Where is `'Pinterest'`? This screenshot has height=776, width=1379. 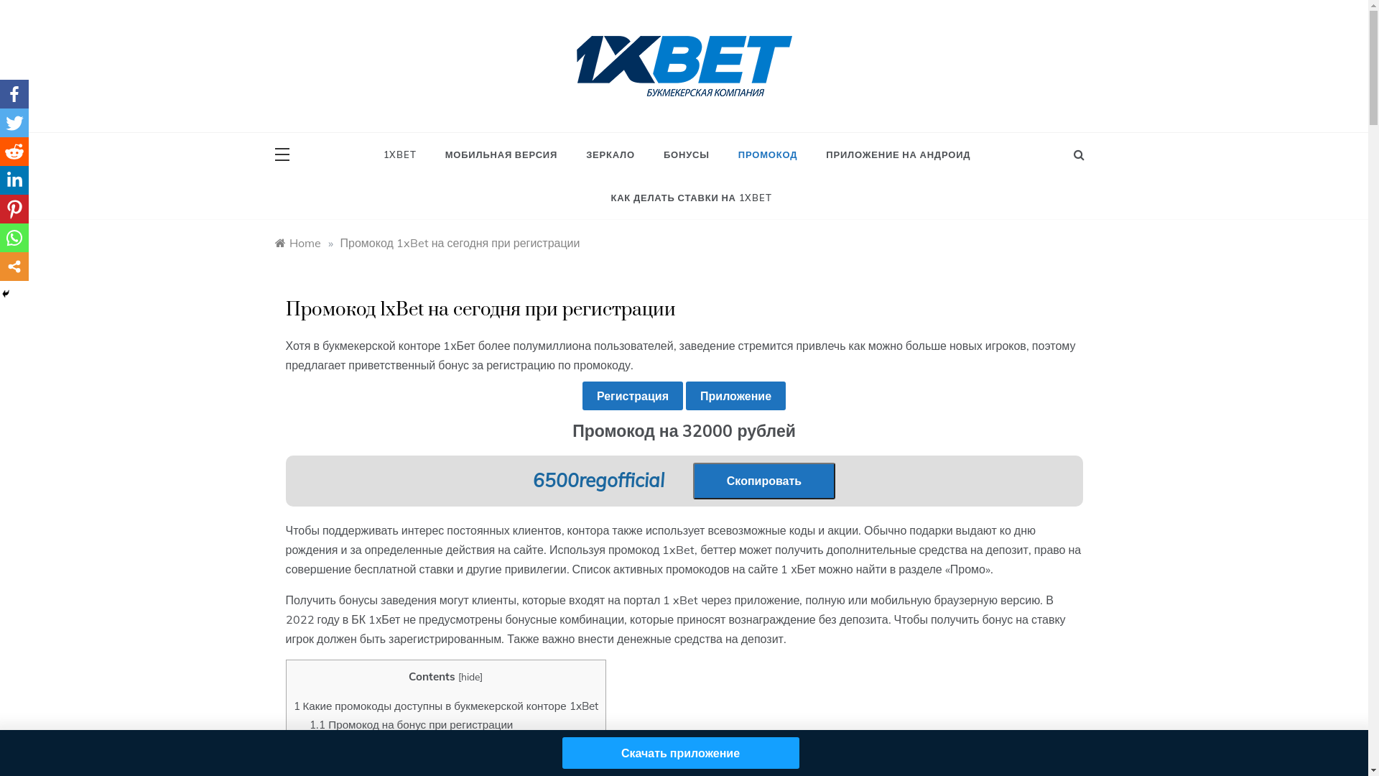
'Pinterest' is located at coordinates (14, 208).